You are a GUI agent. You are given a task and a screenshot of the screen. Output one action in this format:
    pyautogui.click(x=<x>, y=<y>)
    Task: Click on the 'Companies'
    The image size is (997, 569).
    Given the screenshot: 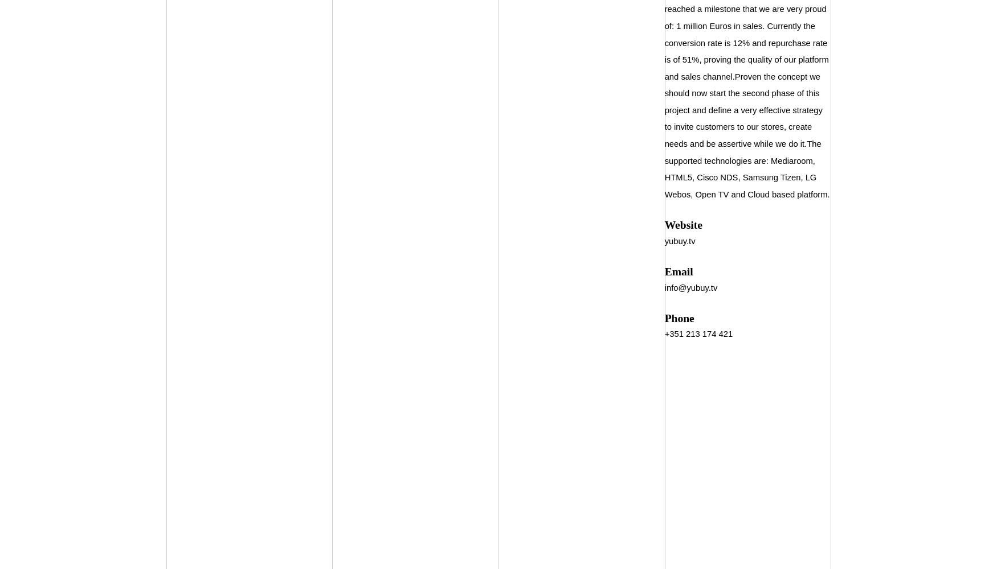 What is the action you would take?
    pyautogui.click(x=196, y=41)
    